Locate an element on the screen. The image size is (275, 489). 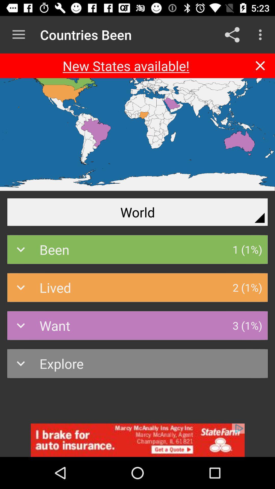
advertisement state farm is located at coordinates (137, 440).